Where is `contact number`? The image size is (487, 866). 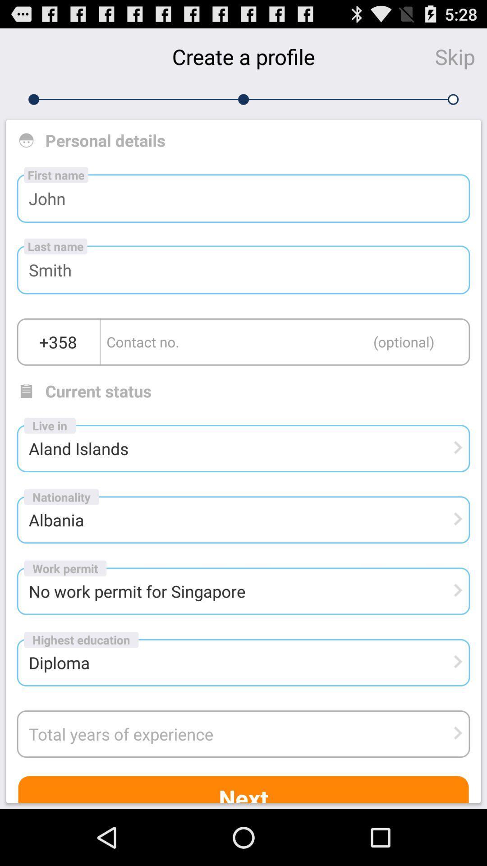
contact number is located at coordinates (285, 341).